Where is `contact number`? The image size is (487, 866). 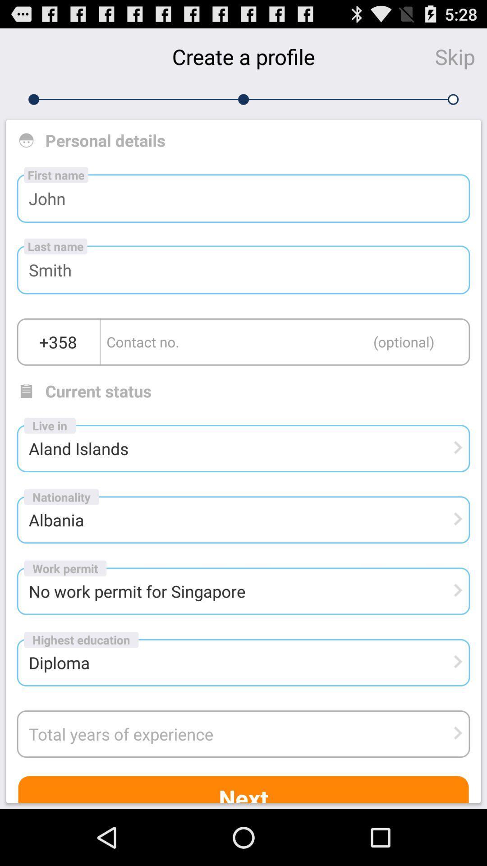
contact number is located at coordinates (285, 341).